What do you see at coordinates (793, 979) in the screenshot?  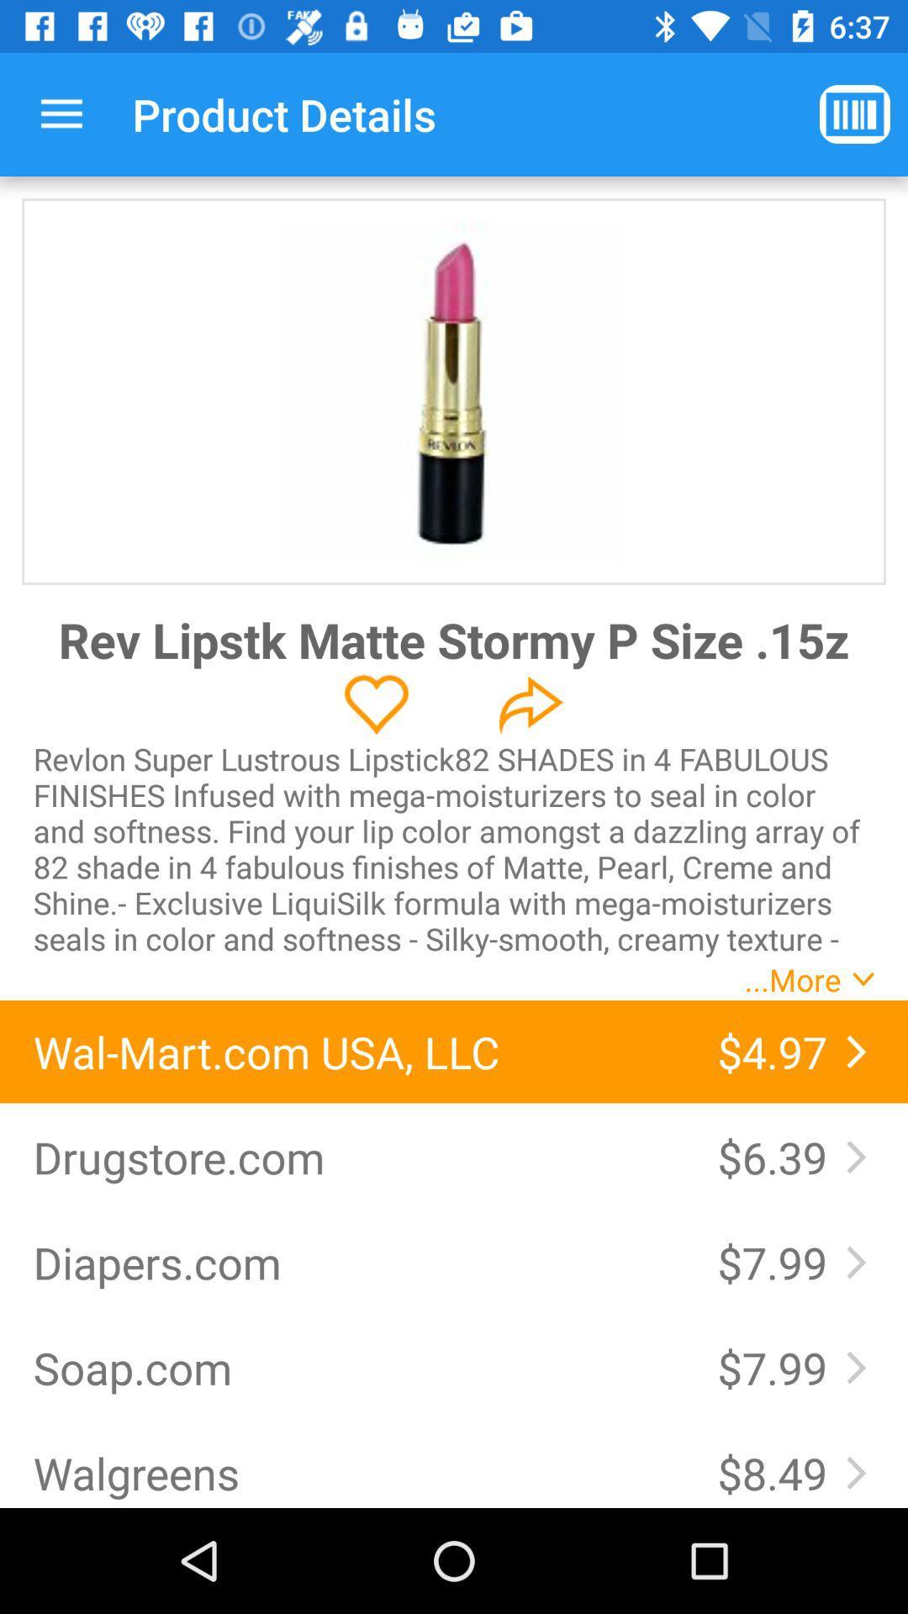 I see `the ...more item` at bounding box center [793, 979].